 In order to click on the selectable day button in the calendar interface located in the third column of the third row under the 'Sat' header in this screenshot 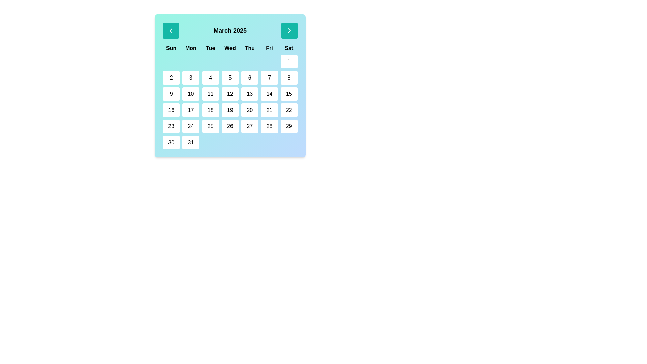, I will do `click(289, 94)`.